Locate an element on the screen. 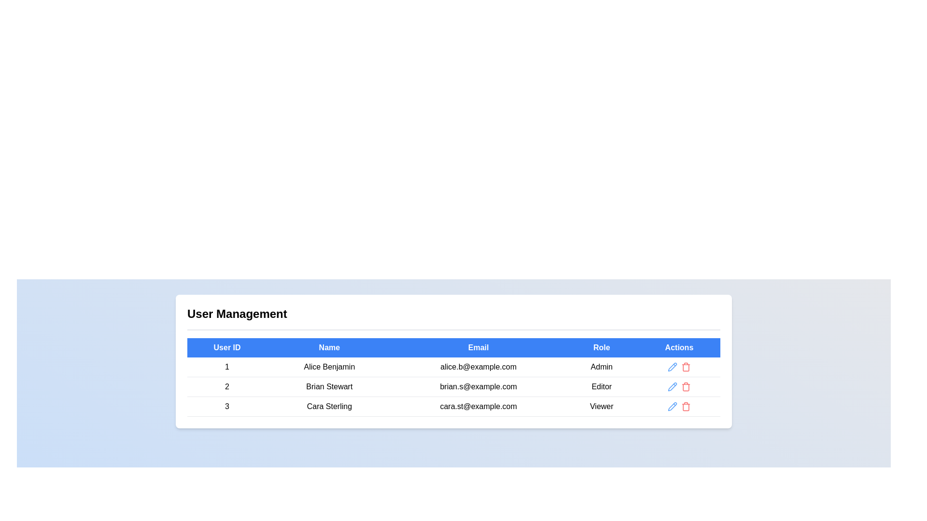  the 'Viewer' text label in the 'Role' column of the table for user 'Cara Sterling' is located at coordinates (601, 407).